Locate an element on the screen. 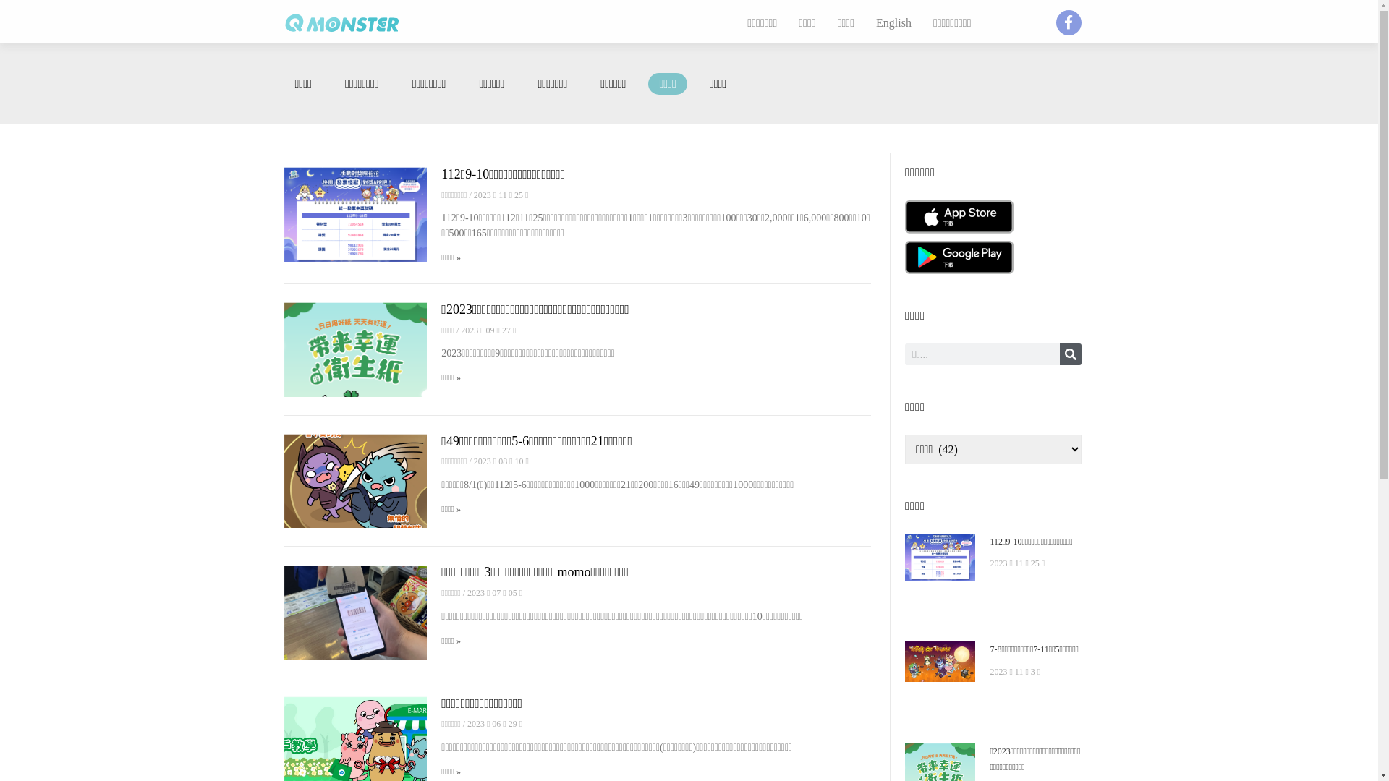  'English' is located at coordinates (893, 22).